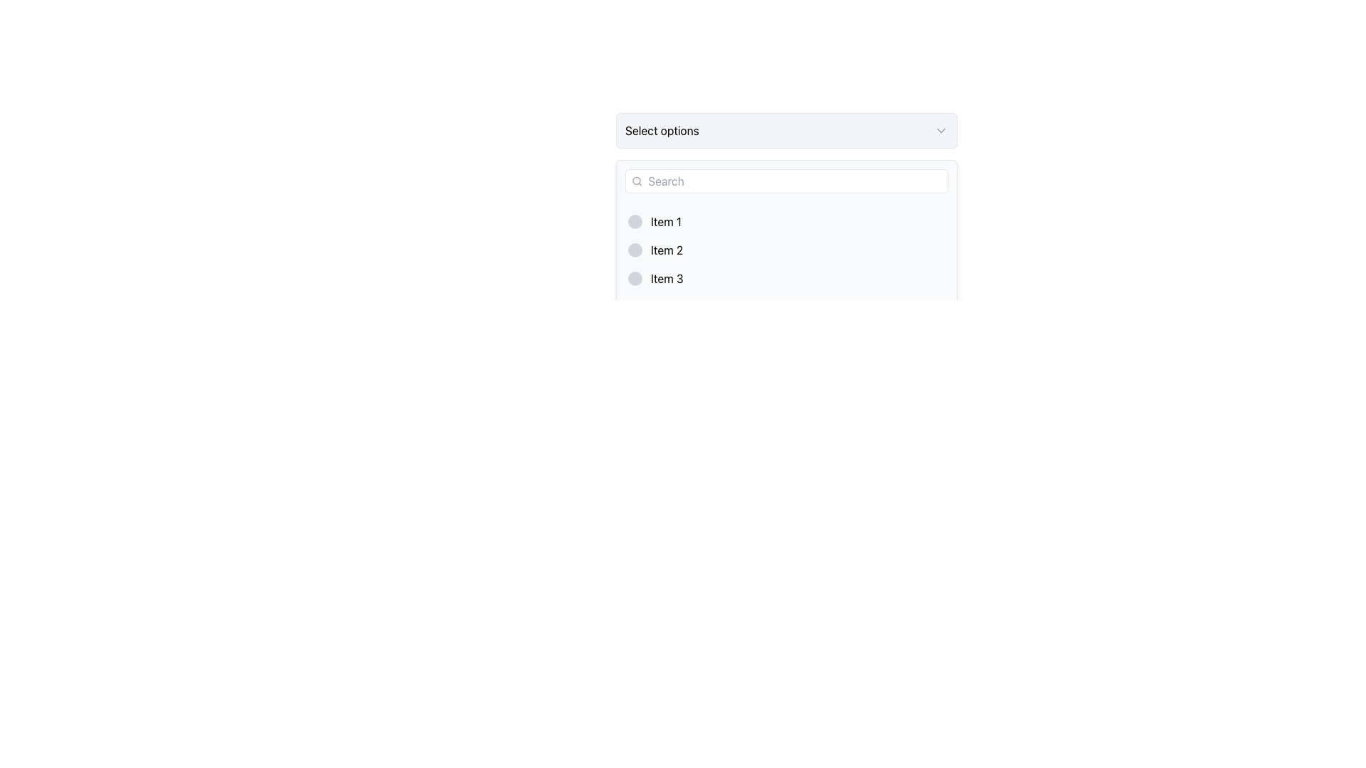  What do you see at coordinates (785, 249) in the screenshot?
I see `the List Item labeled 'Item 2'` at bounding box center [785, 249].